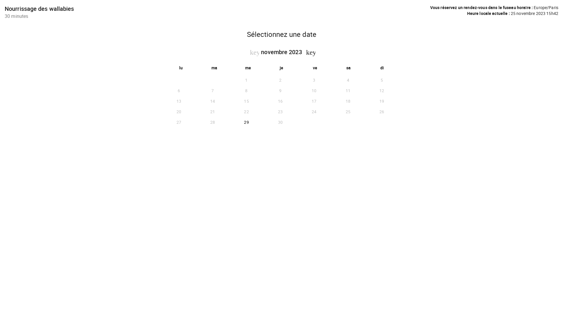 The image size is (563, 316). Describe the element at coordinates (263, 101) in the screenshot. I see `'16'` at that location.